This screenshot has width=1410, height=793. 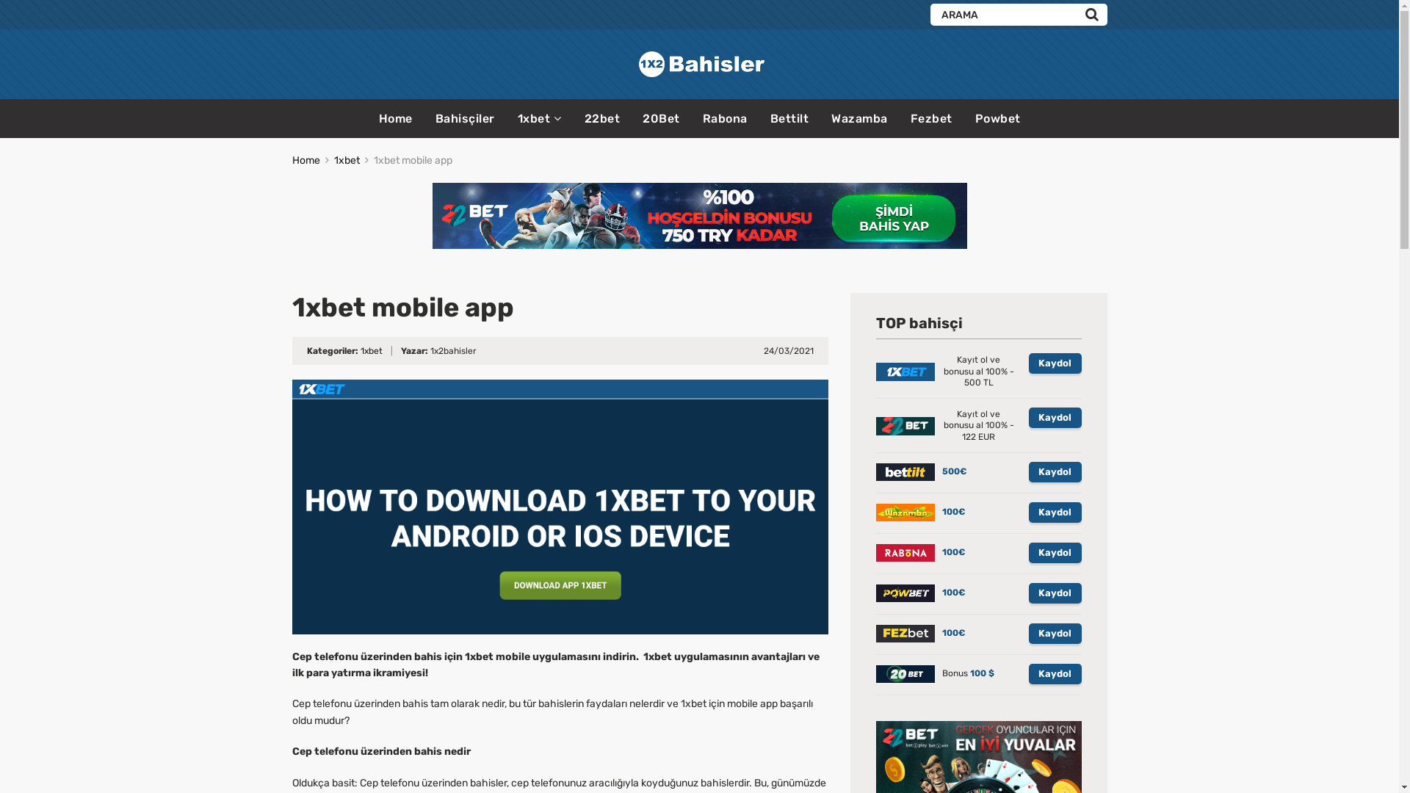 What do you see at coordinates (345, 160) in the screenshot?
I see `'1xbet'` at bounding box center [345, 160].